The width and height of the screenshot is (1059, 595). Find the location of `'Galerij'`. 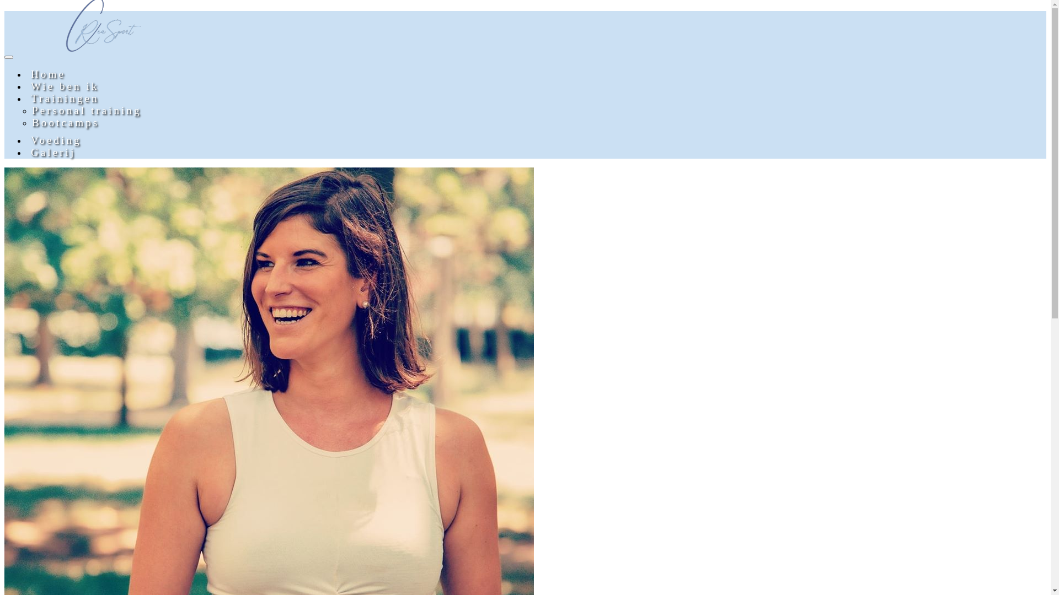

'Galerij' is located at coordinates (52, 152).